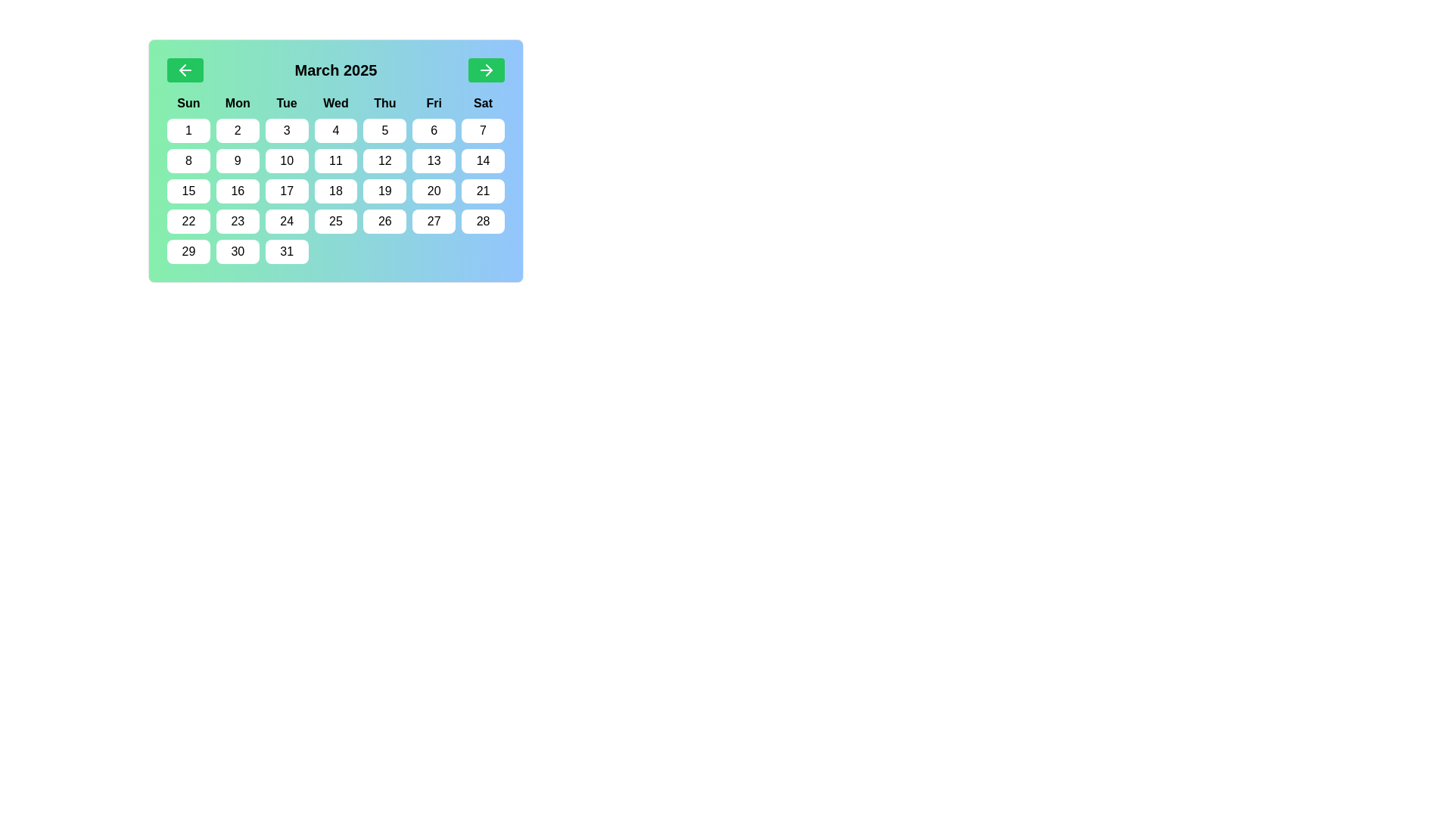 This screenshot has height=817, width=1453. What do you see at coordinates (287, 222) in the screenshot?
I see `the button representing the calendar date '24'` at bounding box center [287, 222].